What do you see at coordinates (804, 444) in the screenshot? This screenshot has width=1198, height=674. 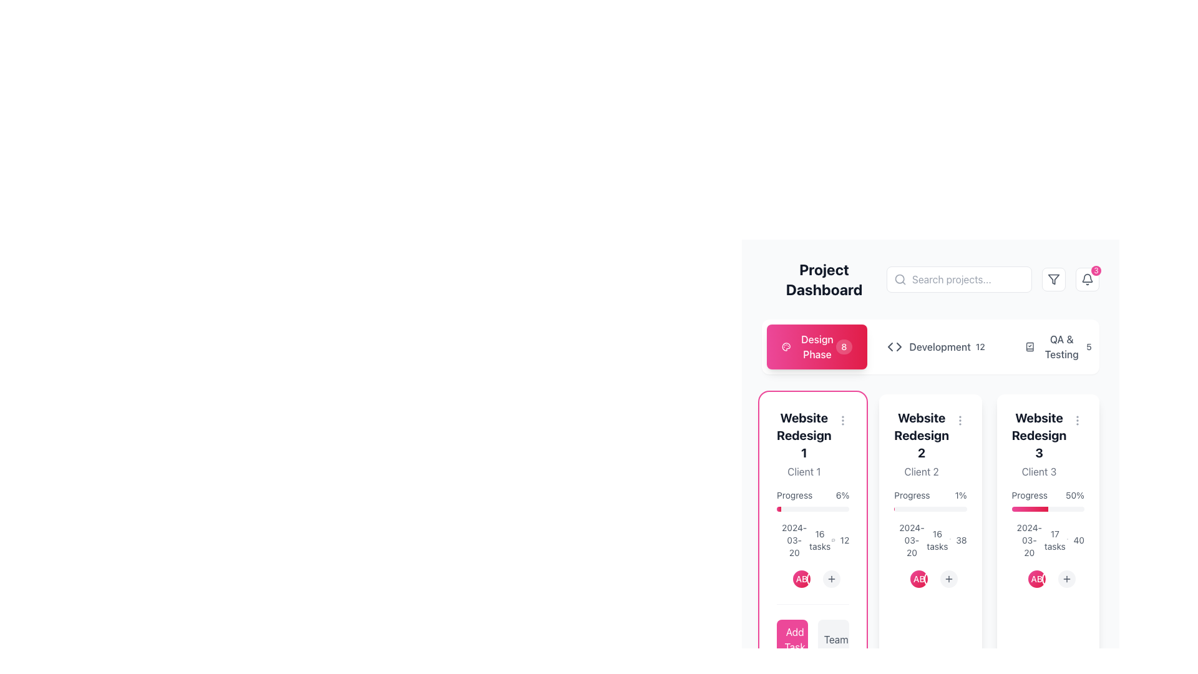 I see `the textual display element that represents the project title 'Website Redesign 1' and its associated client 'Client 1', which is the first in a series of project listing blocks` at bounding box center [804, 444].